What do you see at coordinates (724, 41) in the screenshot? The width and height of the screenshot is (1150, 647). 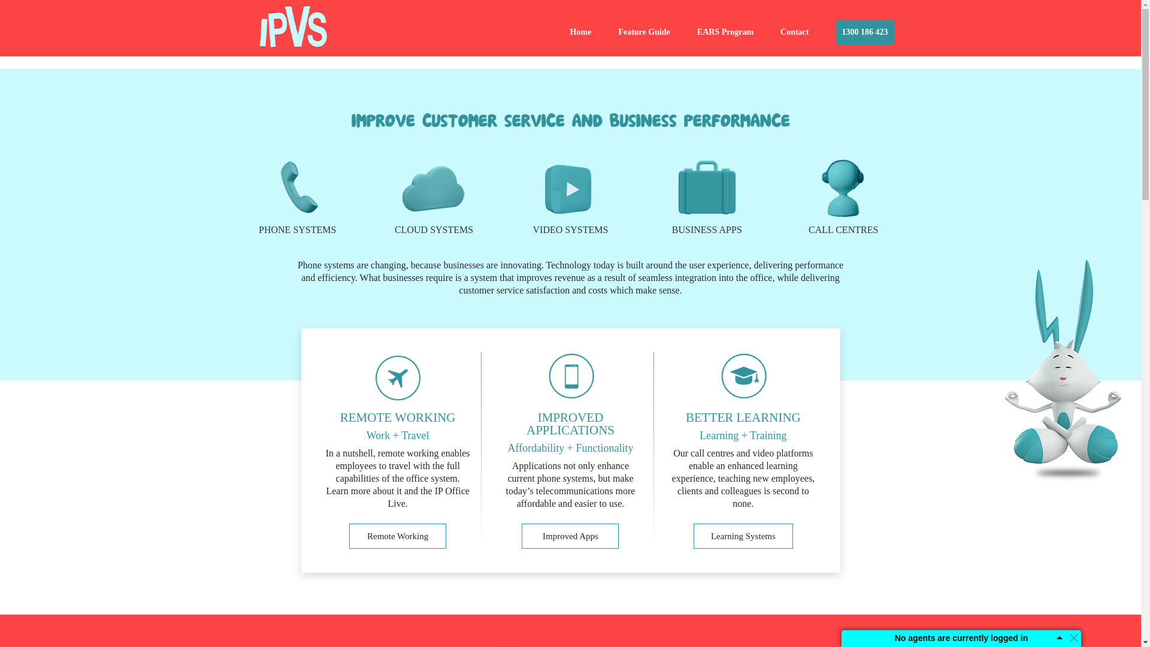 I see `'EARS Program'` at bounding box center [724, 41].